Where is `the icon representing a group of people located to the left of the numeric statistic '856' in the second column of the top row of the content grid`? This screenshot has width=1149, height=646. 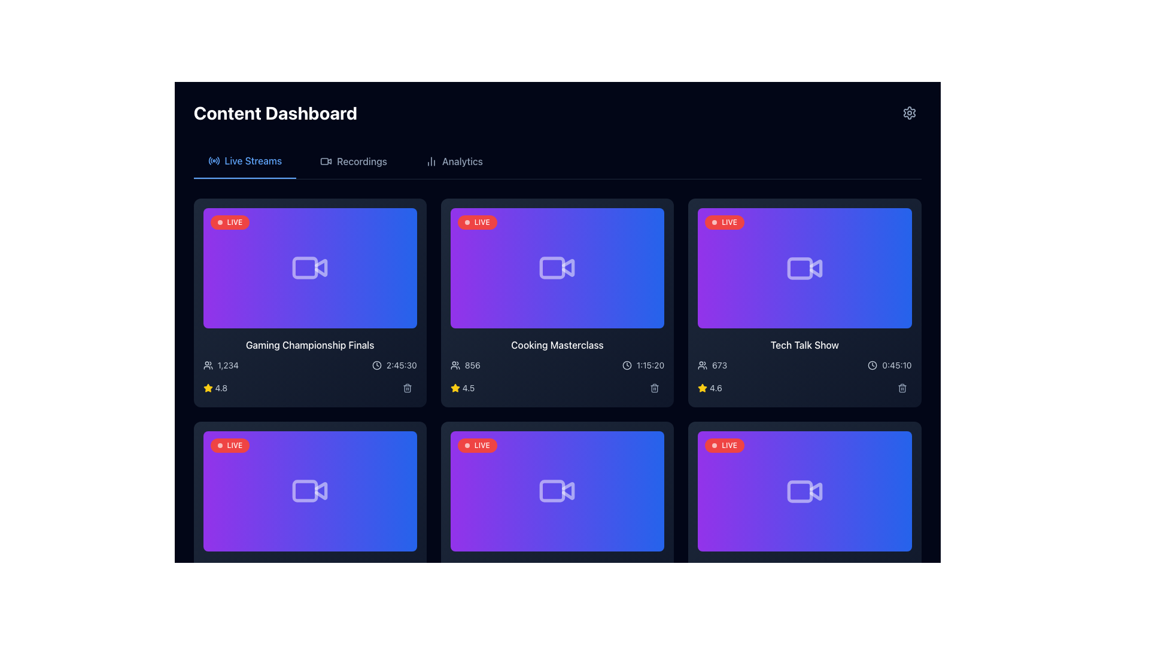
the icon representing a group of people located to the left of the numeric statistic '856' in the second column of the top row of the content grid is located at coordinates (454, 364).